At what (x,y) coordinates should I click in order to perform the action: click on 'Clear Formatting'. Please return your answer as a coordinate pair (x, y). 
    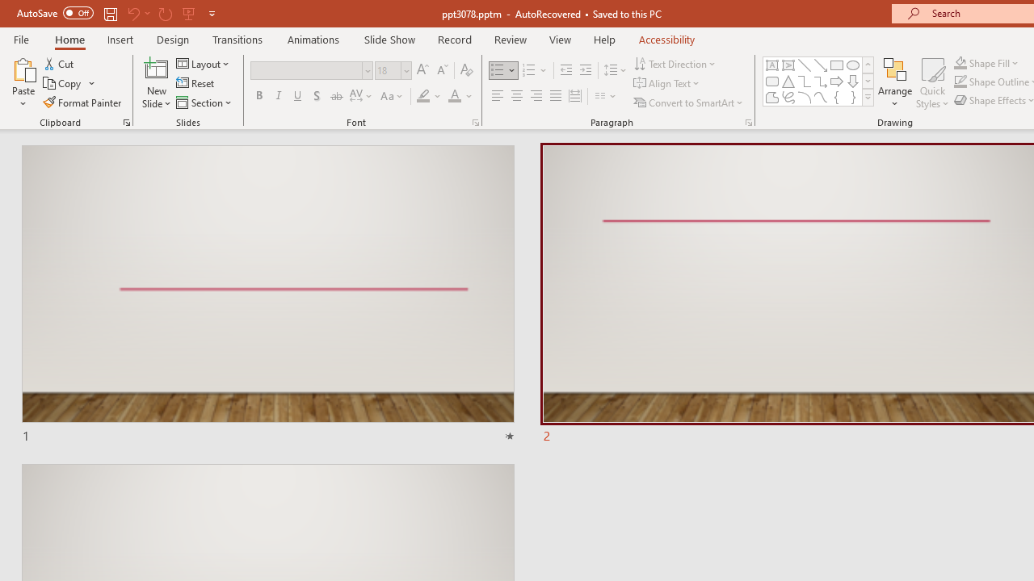
    Looking at the image, I should click on (465, 69).